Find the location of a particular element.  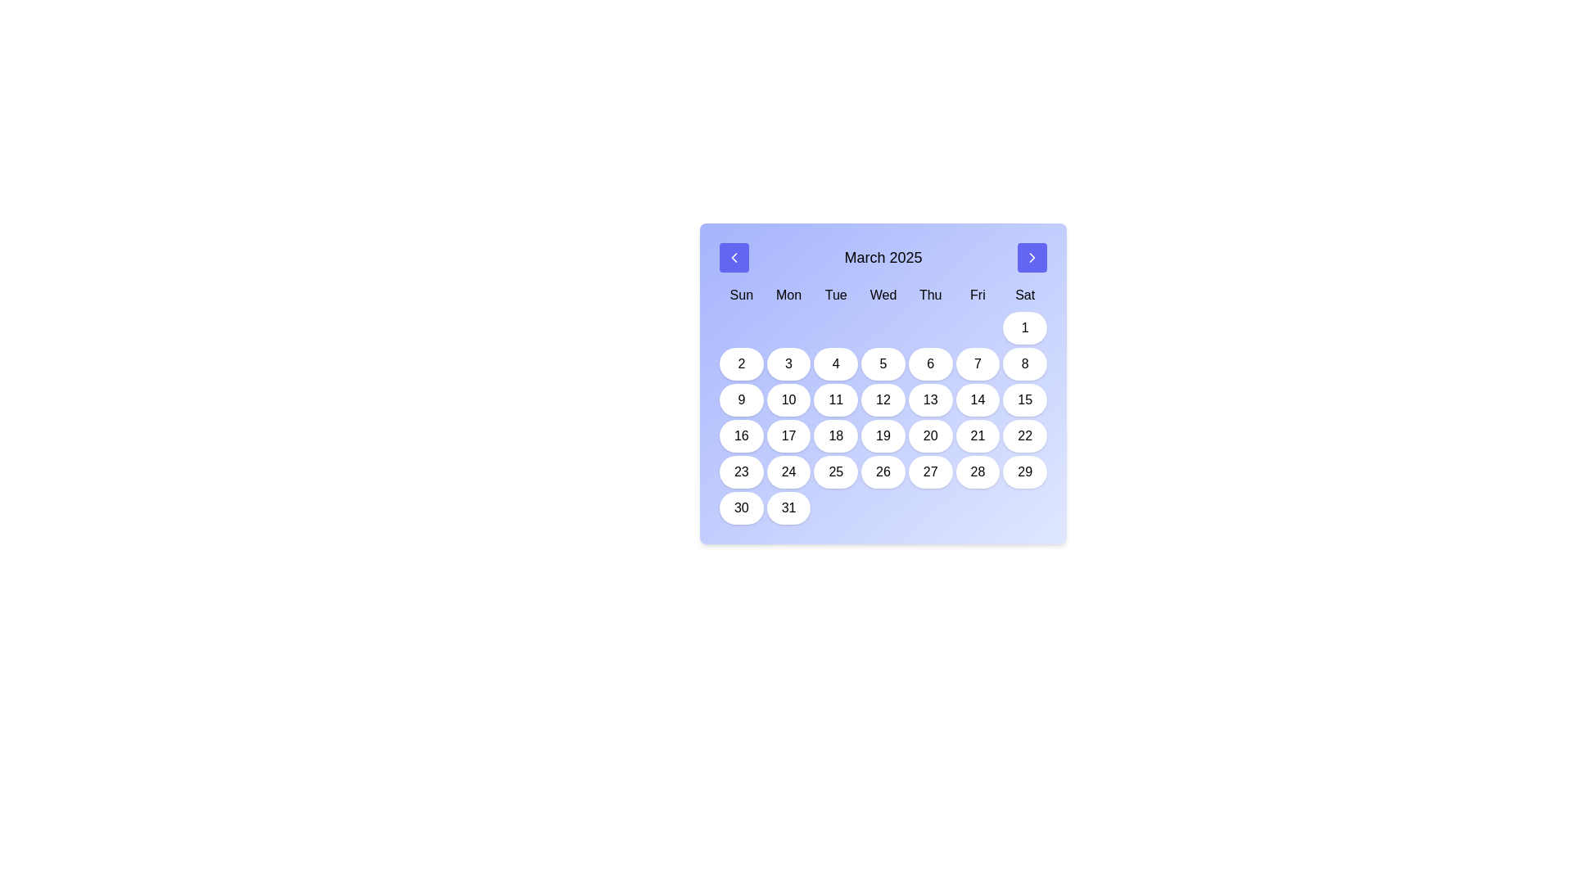

the interactive calendar widget at the specified coordinates is located at coordinates (883, 384).